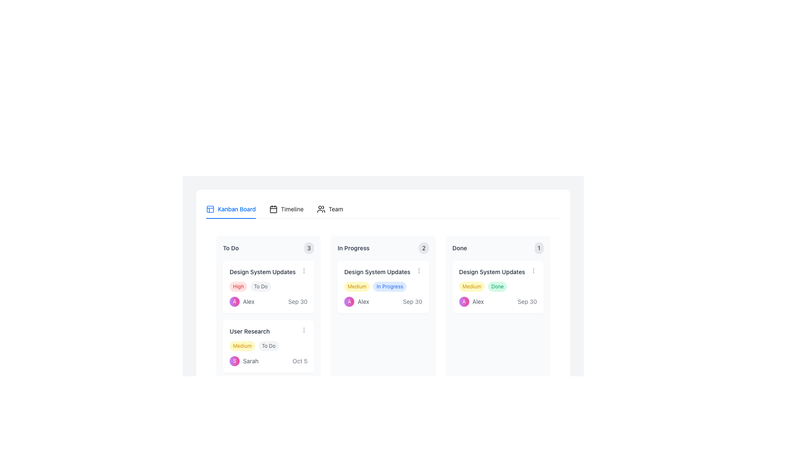  What do you see at coordinates (248, 302) in the screenshot?
I see `the text label displaying the name 'Alex', which is styled in a small gray font and located to the right of the circular icon marked with 'A' in the 'Design System Updates' item of the 'To Do' column on the Kanban Board` at bounding box center [248, 302].